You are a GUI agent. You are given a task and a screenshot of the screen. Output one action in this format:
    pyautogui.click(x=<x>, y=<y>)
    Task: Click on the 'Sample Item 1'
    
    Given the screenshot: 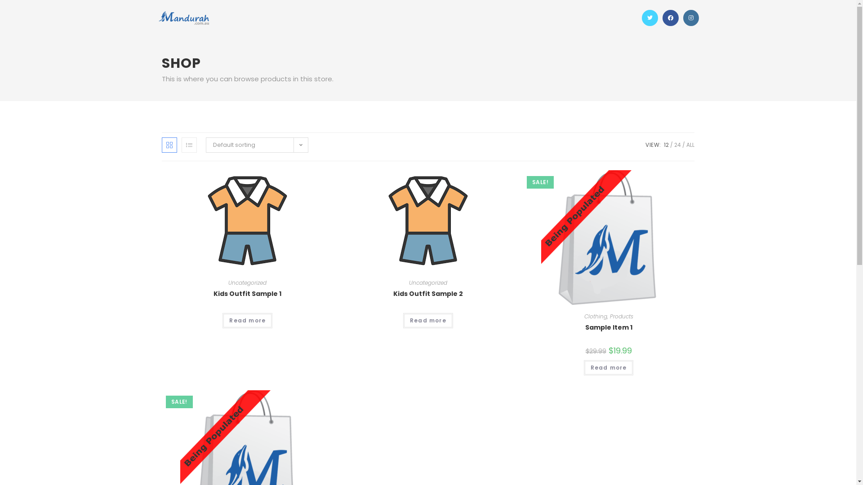 What is the action you would take?
    pyautogui.click(x=585, y=327)
    